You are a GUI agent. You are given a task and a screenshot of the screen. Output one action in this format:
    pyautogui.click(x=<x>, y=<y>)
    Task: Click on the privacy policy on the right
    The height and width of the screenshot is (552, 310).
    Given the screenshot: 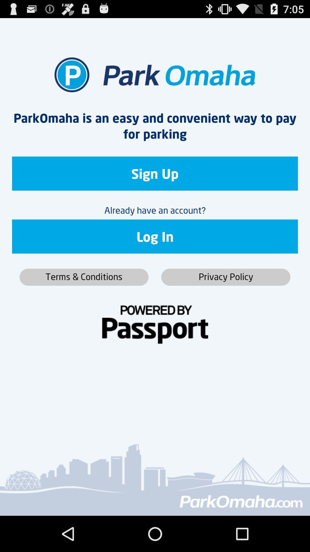 What is the action you would take?
    pyautogui.click(x=225, y=277)
    